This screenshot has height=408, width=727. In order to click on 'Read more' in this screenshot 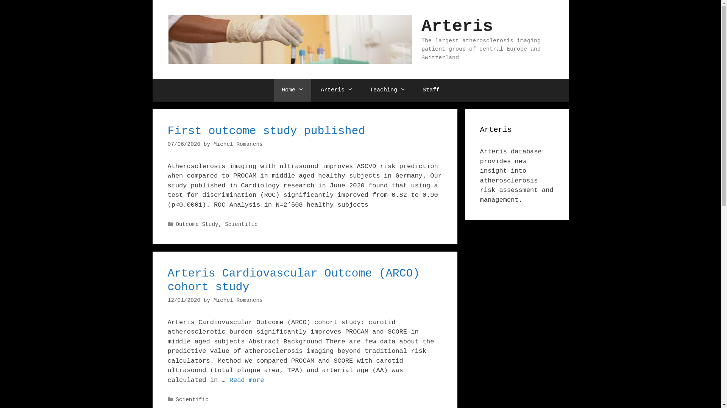, I will do `click(229, 380)`.